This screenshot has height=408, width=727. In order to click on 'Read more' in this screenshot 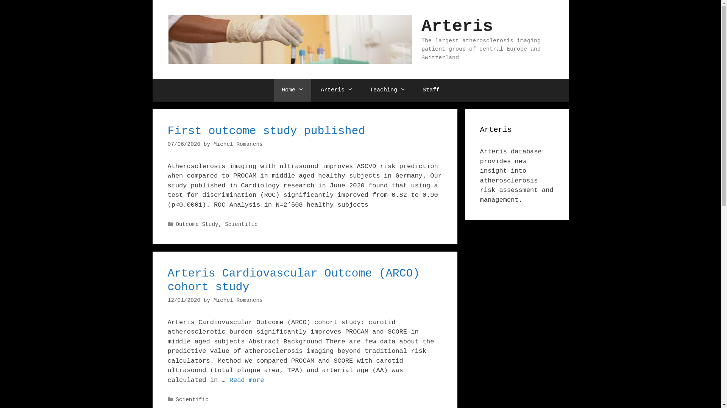, I will do `click(229, 380)`.